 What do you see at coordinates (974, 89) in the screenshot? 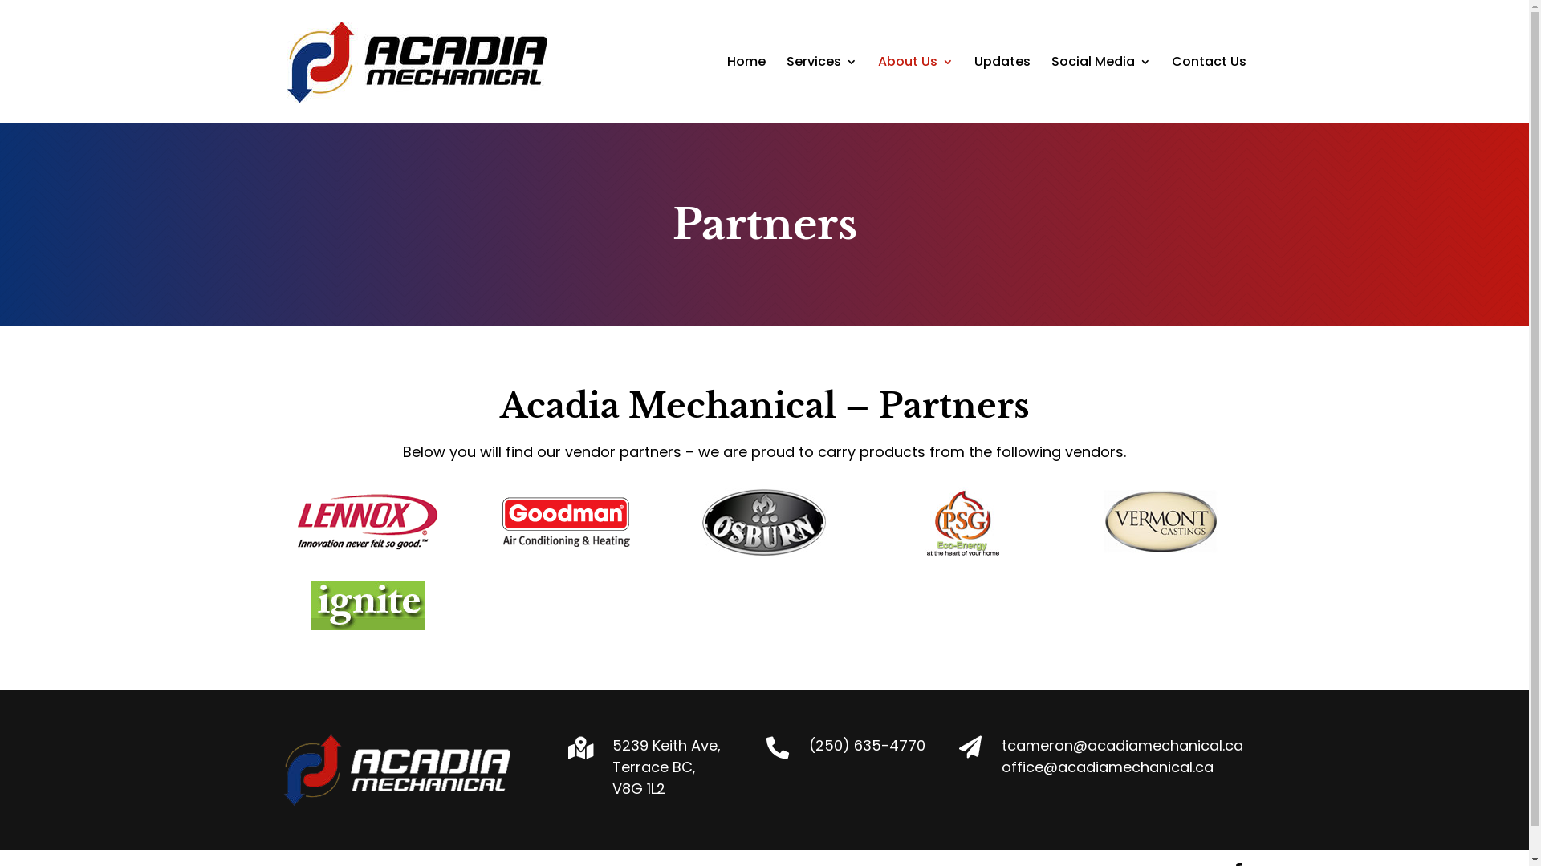
I see `'Updates'` at bounding box center [974, 89].